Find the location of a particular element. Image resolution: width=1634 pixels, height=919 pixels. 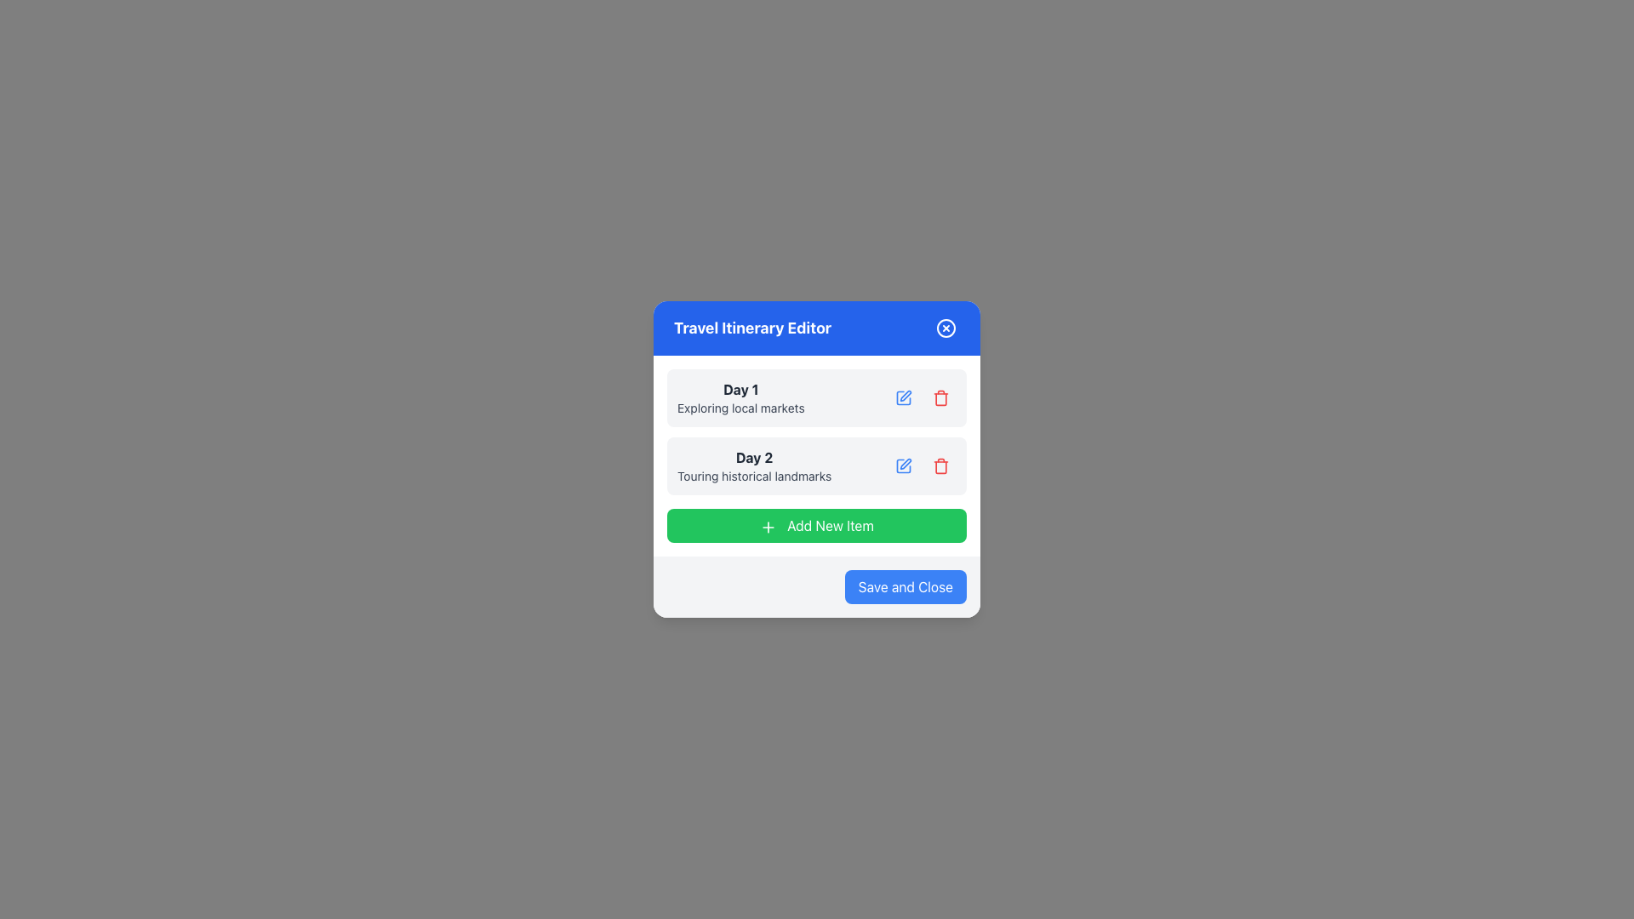

the trash bin icon button located next to 'Day 2' is located at coordinates (940, 465).